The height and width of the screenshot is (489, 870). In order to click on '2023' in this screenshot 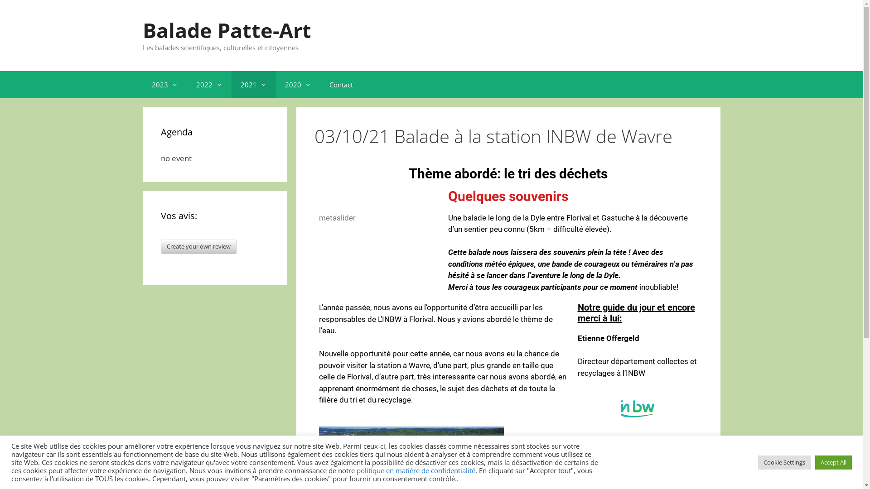, I will do `click(165, 84)`.